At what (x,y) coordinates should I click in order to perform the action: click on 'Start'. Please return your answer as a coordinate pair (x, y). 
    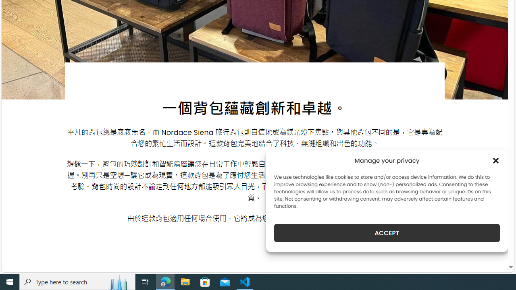
    Looking at the image, I should click on (10, 281).